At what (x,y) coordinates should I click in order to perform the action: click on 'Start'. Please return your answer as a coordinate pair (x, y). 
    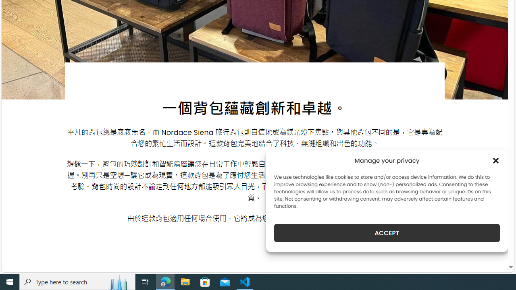
    Looking at the image, I should click on (10, 281).